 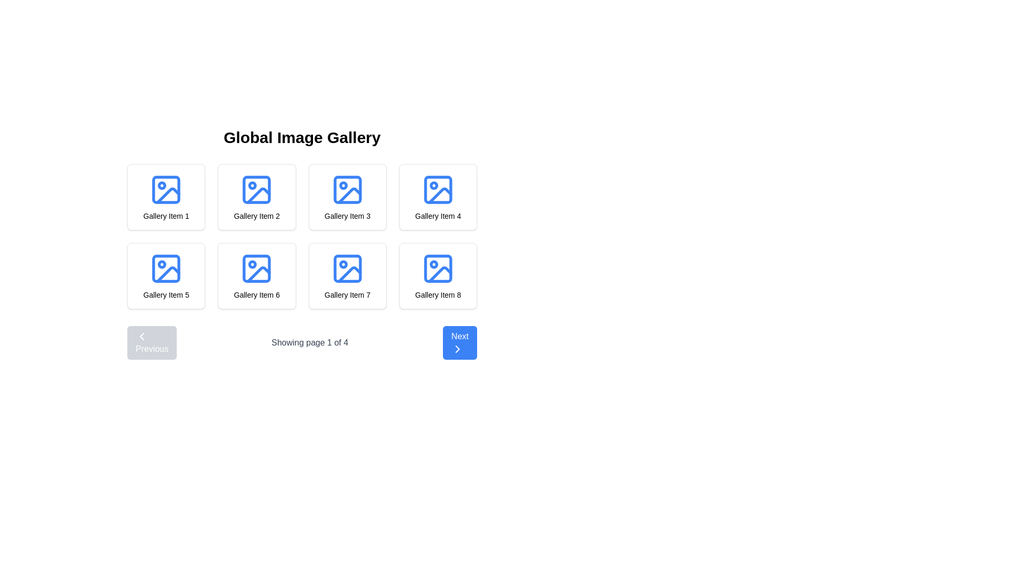 I want to click on the first Gallery item card in the top-left corner of the grid, so click(x=166, y=197).